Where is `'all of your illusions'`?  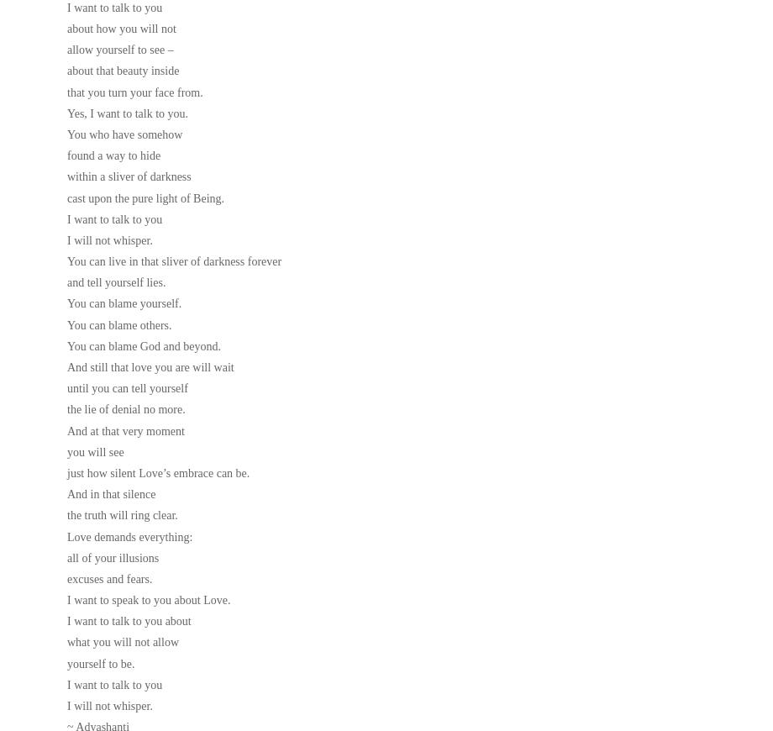
'all of your illusions' is located at coordinates (112, 557).